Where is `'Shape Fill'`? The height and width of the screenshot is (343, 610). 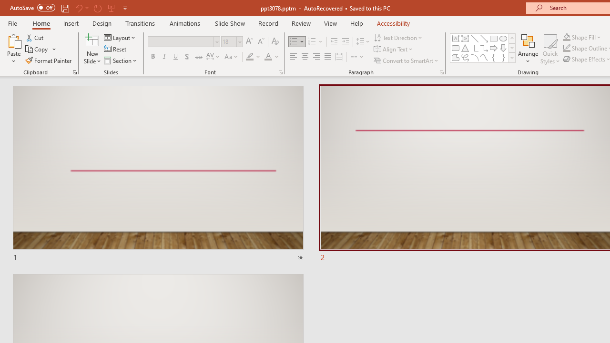
'Shape Fill' is located at coordinates (581, 37).